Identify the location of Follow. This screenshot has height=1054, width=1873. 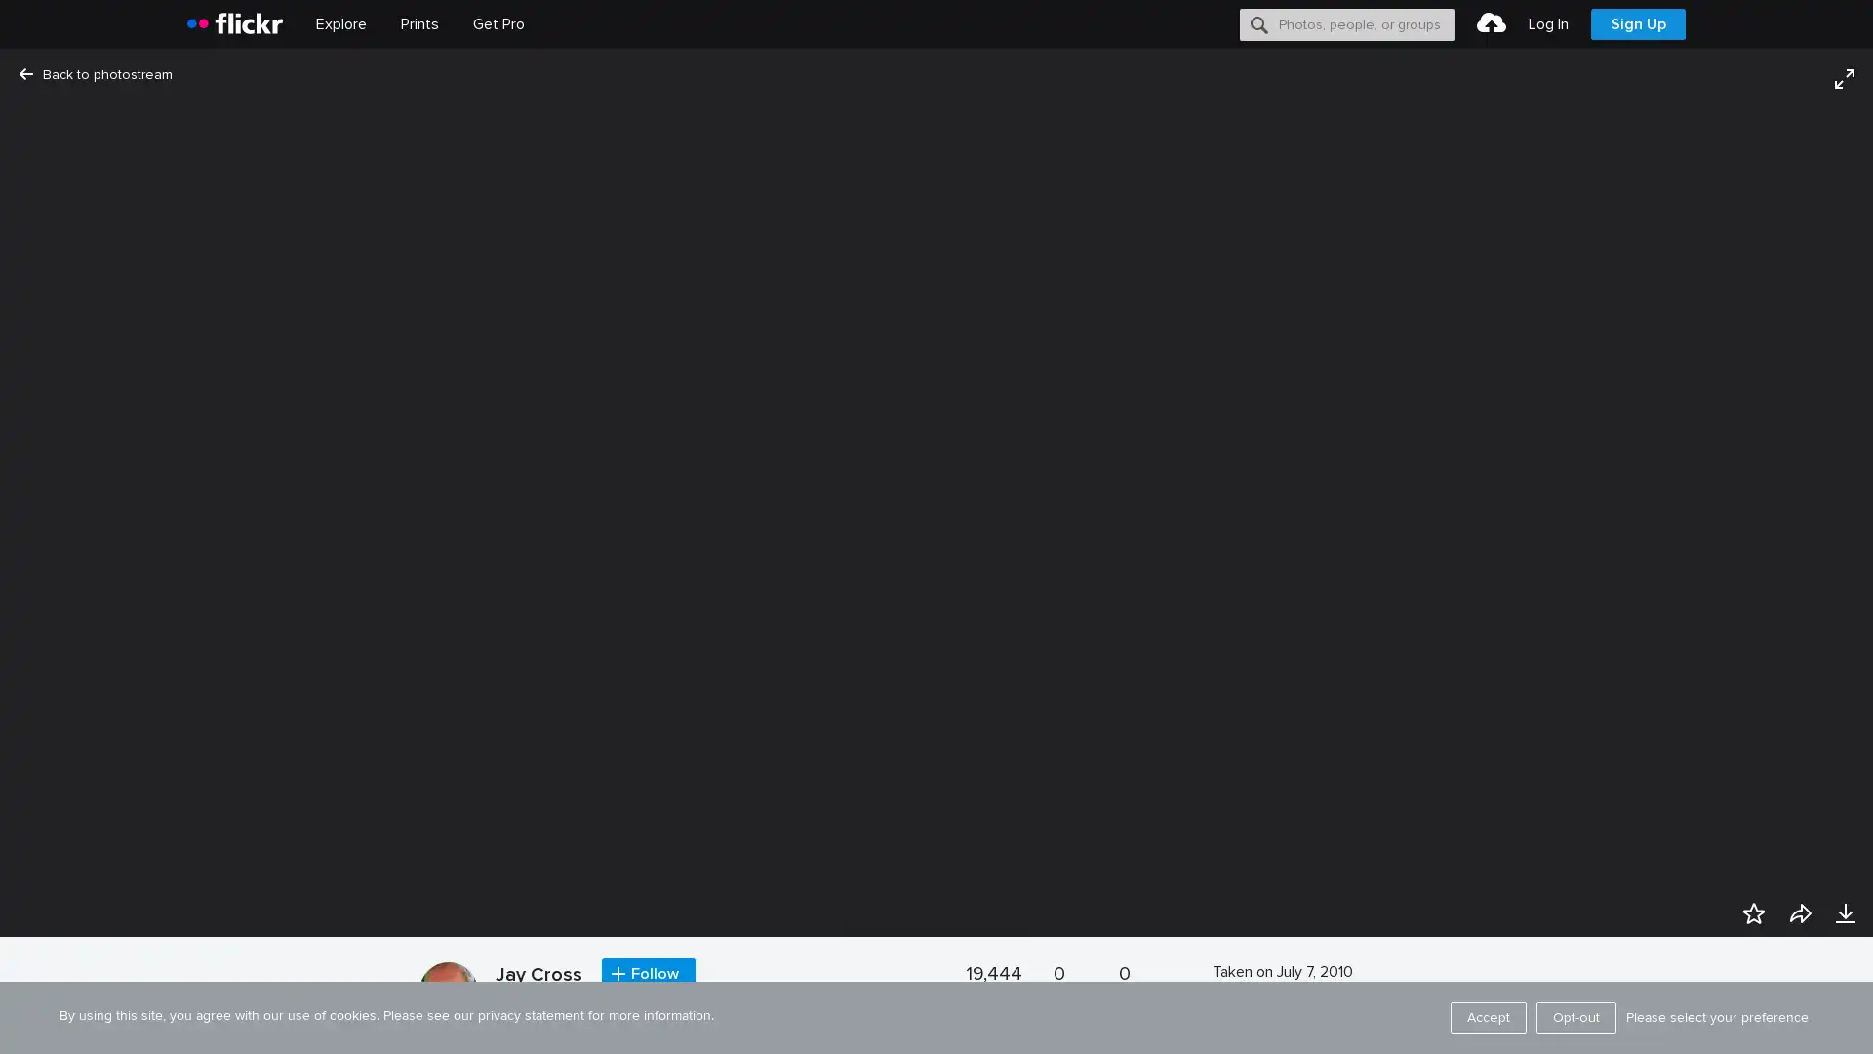
(649, 974).